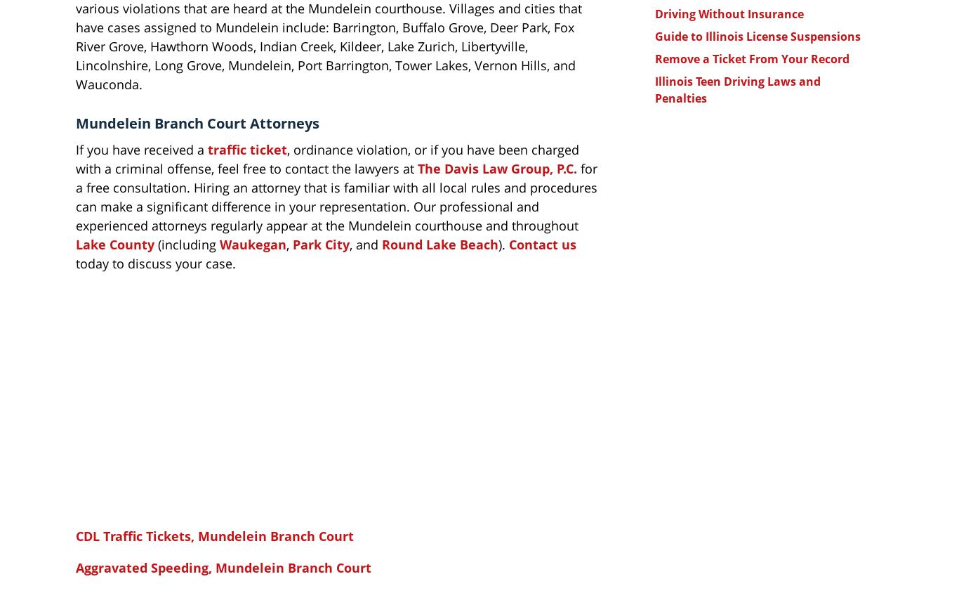 The width and height of the screenshot is (959, 612). What do you see at coordinates (365, 243) in the screenshot?
I see `', and'` at bounding box center [365, 243].